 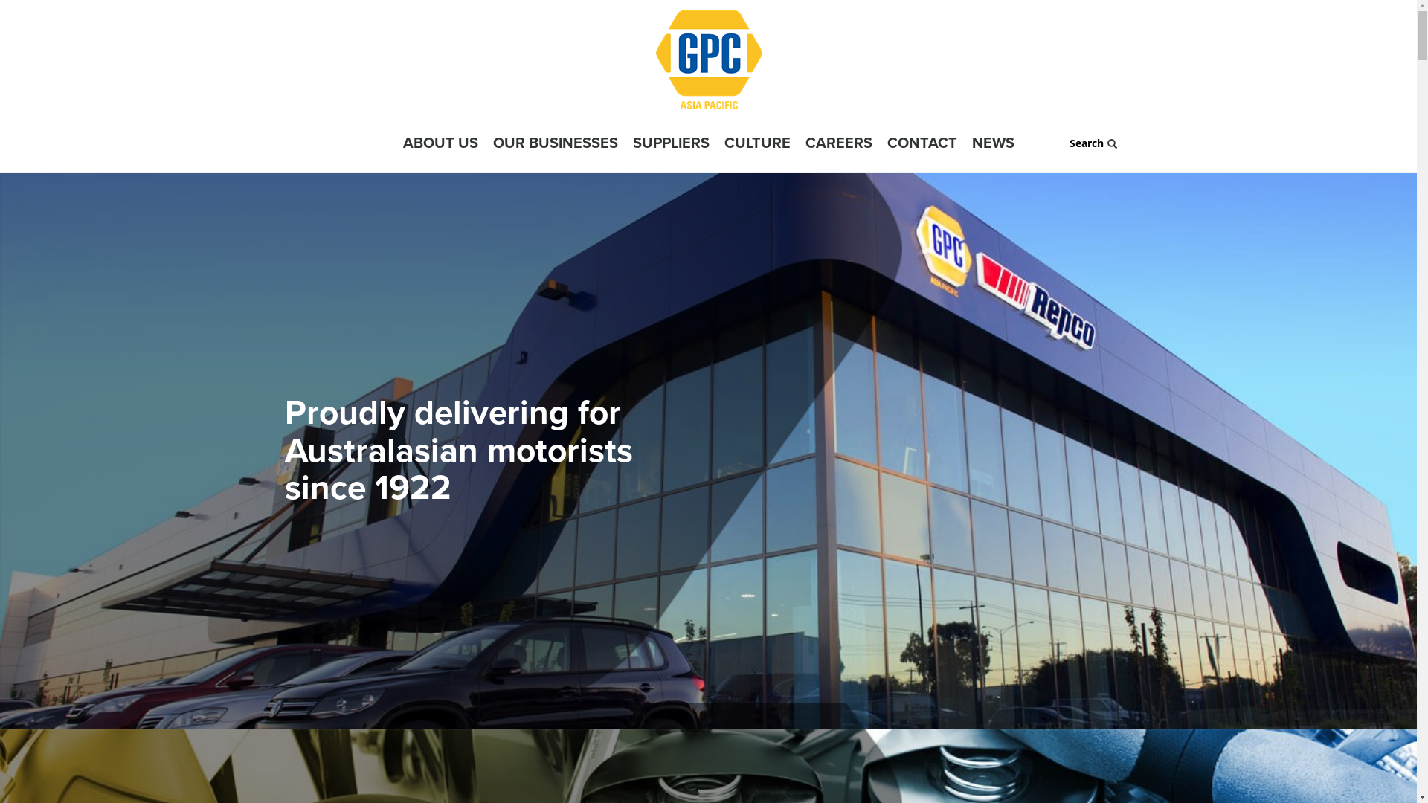 What do you see at coordinates (561, 145) in the screenshot?
I see `'OUR BUSINESSES'` at bounding box center [561, 145].